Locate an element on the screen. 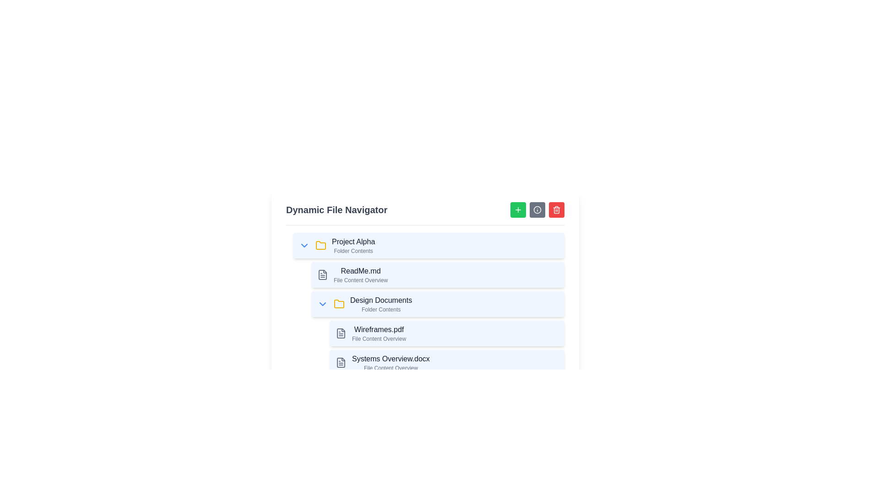 The height and width of the screenshot is (494, 879). the file item component representing 'Wireframes.pdf' is located at coordinates (447, 333).